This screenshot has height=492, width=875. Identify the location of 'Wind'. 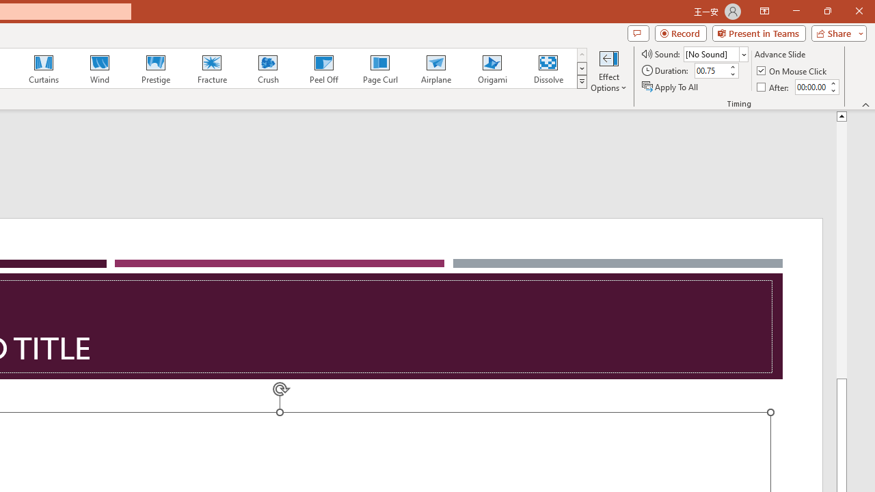
(98, 68).